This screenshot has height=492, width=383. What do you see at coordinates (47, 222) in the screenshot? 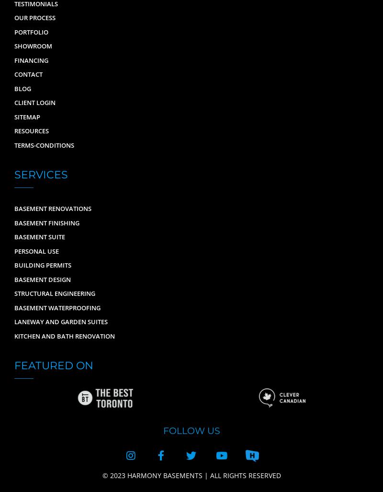
I see `'Basement Finishing'` at bounding box center [47, 222].